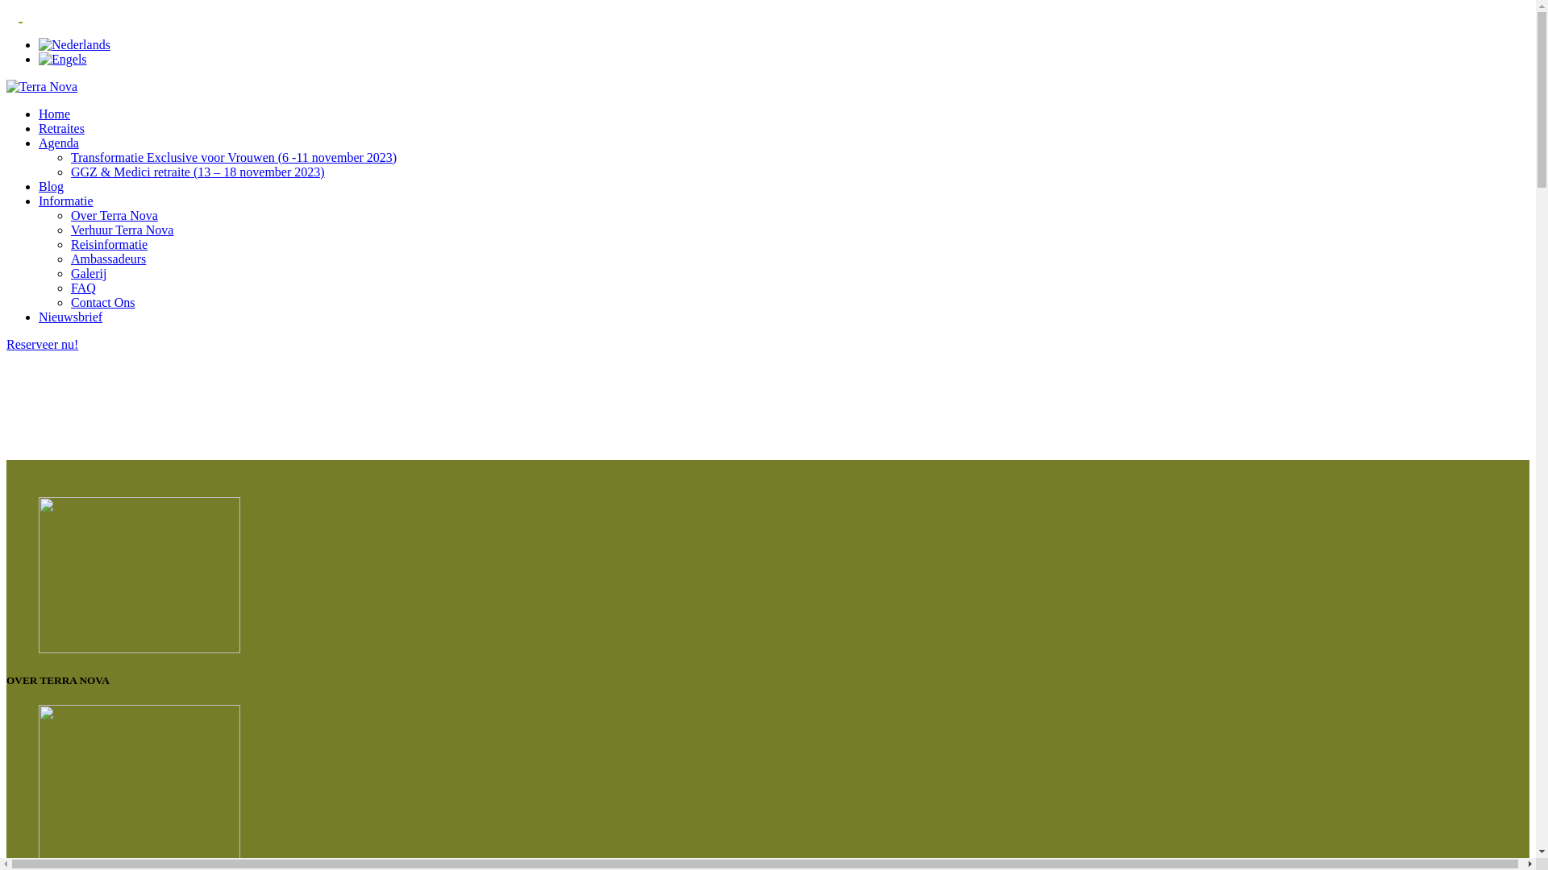 The width and height of the screenshot is (1548, 870). Describe the element at coordinates (82, 287) in the screenshot. I see `'FAQ'` at that location.